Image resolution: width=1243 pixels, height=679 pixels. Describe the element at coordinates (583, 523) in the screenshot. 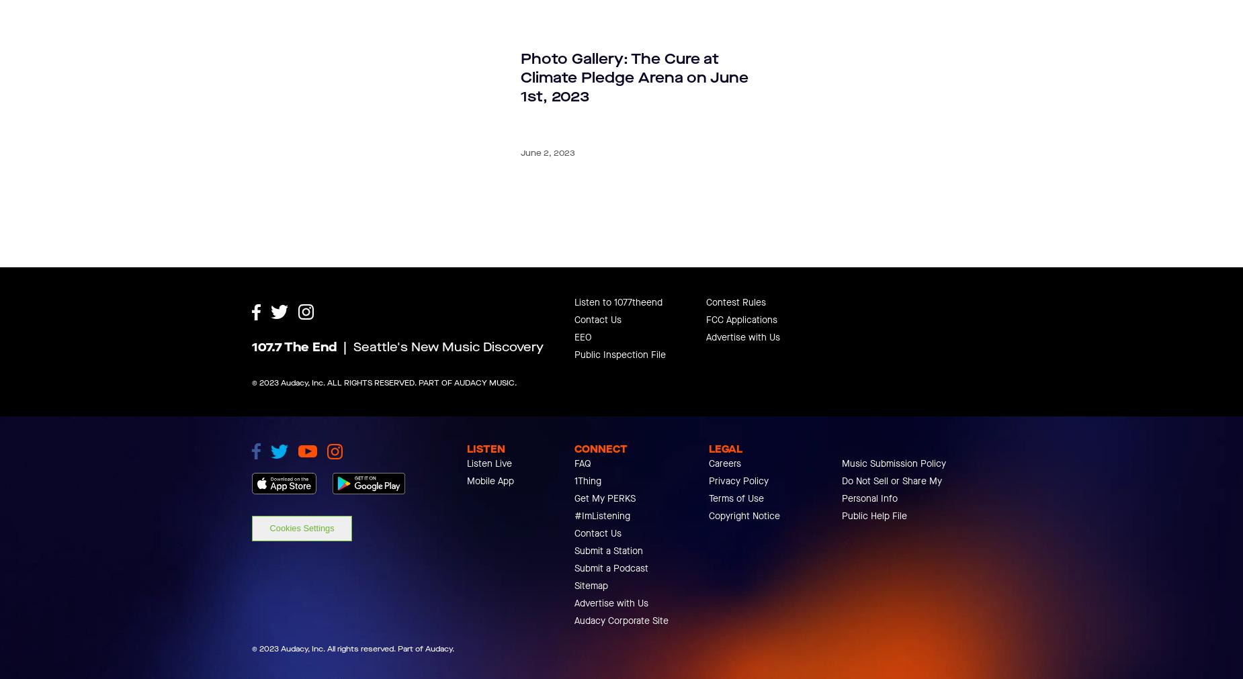

I see `'FAQ'` at that location.